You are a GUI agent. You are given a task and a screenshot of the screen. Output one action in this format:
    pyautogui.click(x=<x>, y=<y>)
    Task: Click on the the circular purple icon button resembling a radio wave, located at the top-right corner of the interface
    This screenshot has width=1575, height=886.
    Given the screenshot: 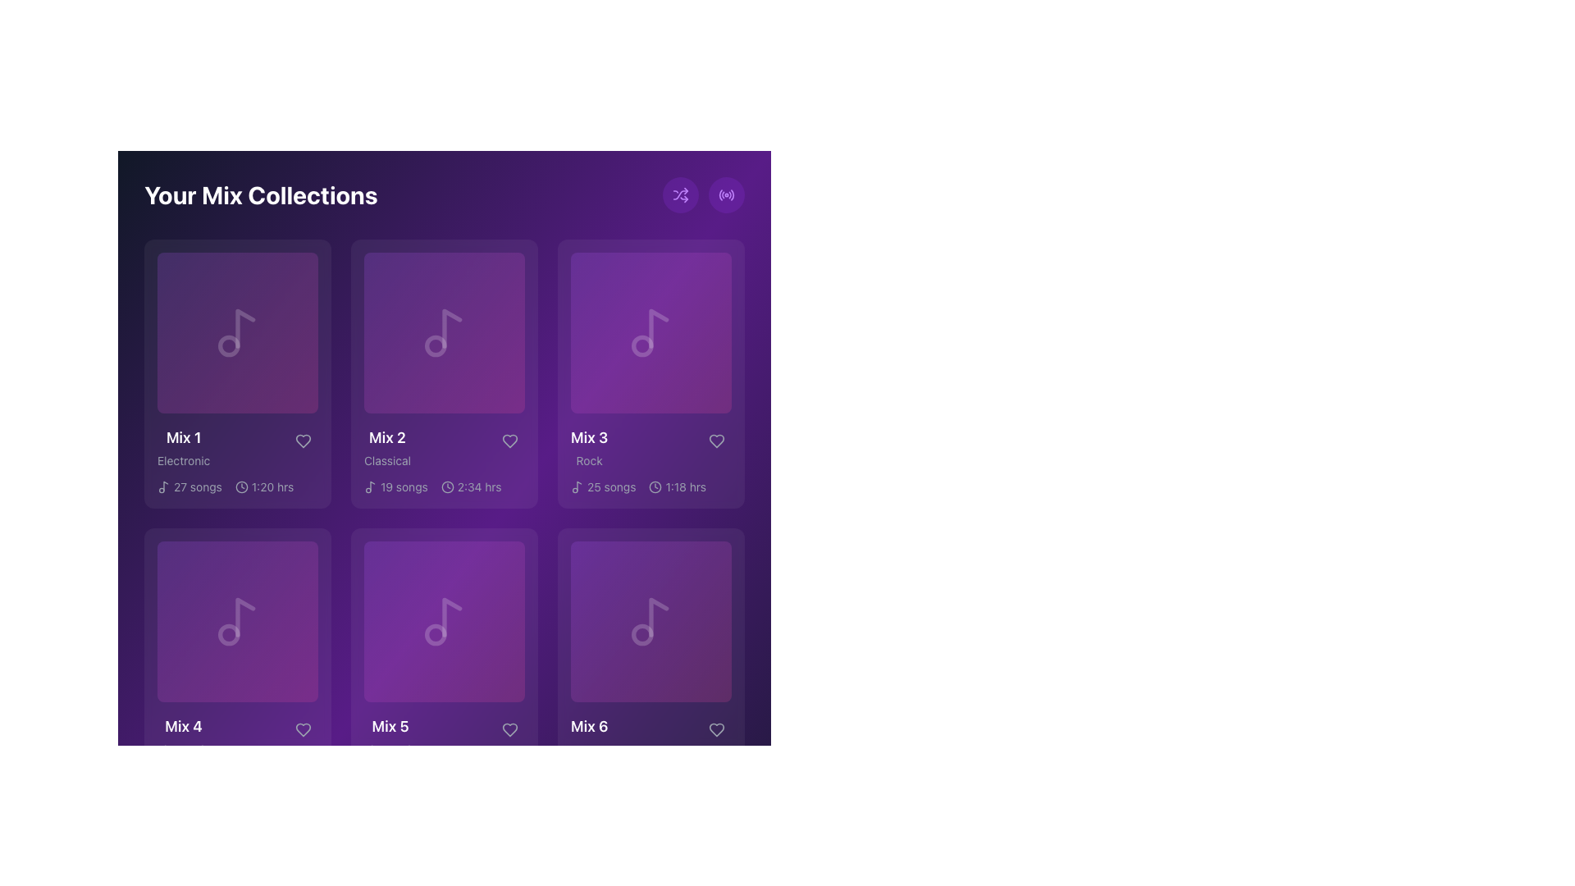 What is the action you would take?
    pyautogui.click(x=726, y=194)
    